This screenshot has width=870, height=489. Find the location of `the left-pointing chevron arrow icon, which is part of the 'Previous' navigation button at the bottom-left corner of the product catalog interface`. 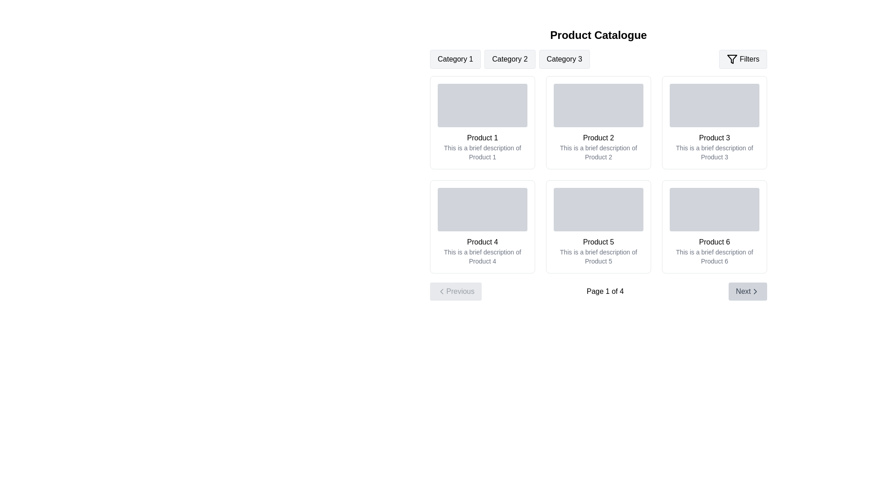

the left-pointing chevron arrow icon, which is part of the 'Previous' navigation button at the bottom-left corner of the product catalog interface is located at coordinates (441, 292).